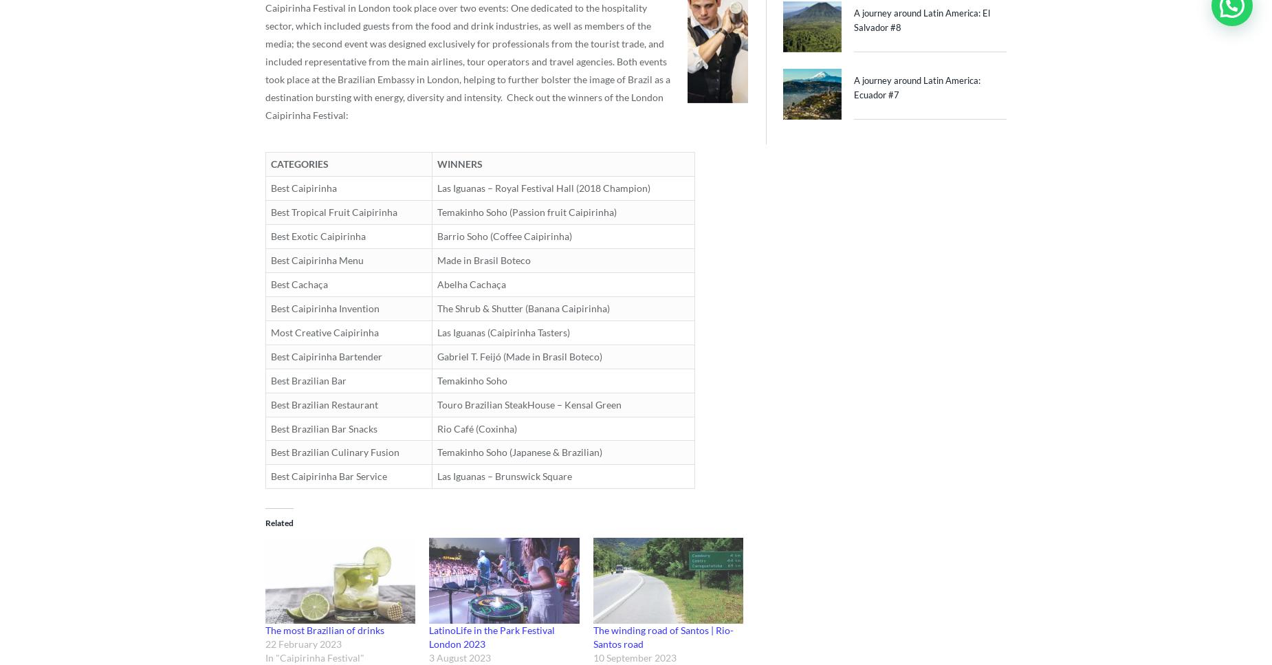  I want to click on 'Las Iguanas (Caipirinha Tasters)', so click(503, 331).